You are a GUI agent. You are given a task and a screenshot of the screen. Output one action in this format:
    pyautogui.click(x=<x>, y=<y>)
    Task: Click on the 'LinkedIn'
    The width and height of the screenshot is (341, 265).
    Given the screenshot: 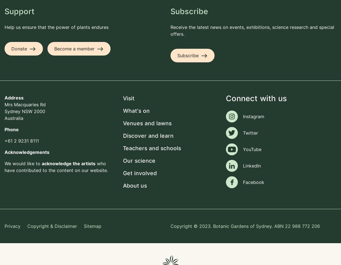 What is the action you would take?
    pyautogui.click(x=243, y=166)
    